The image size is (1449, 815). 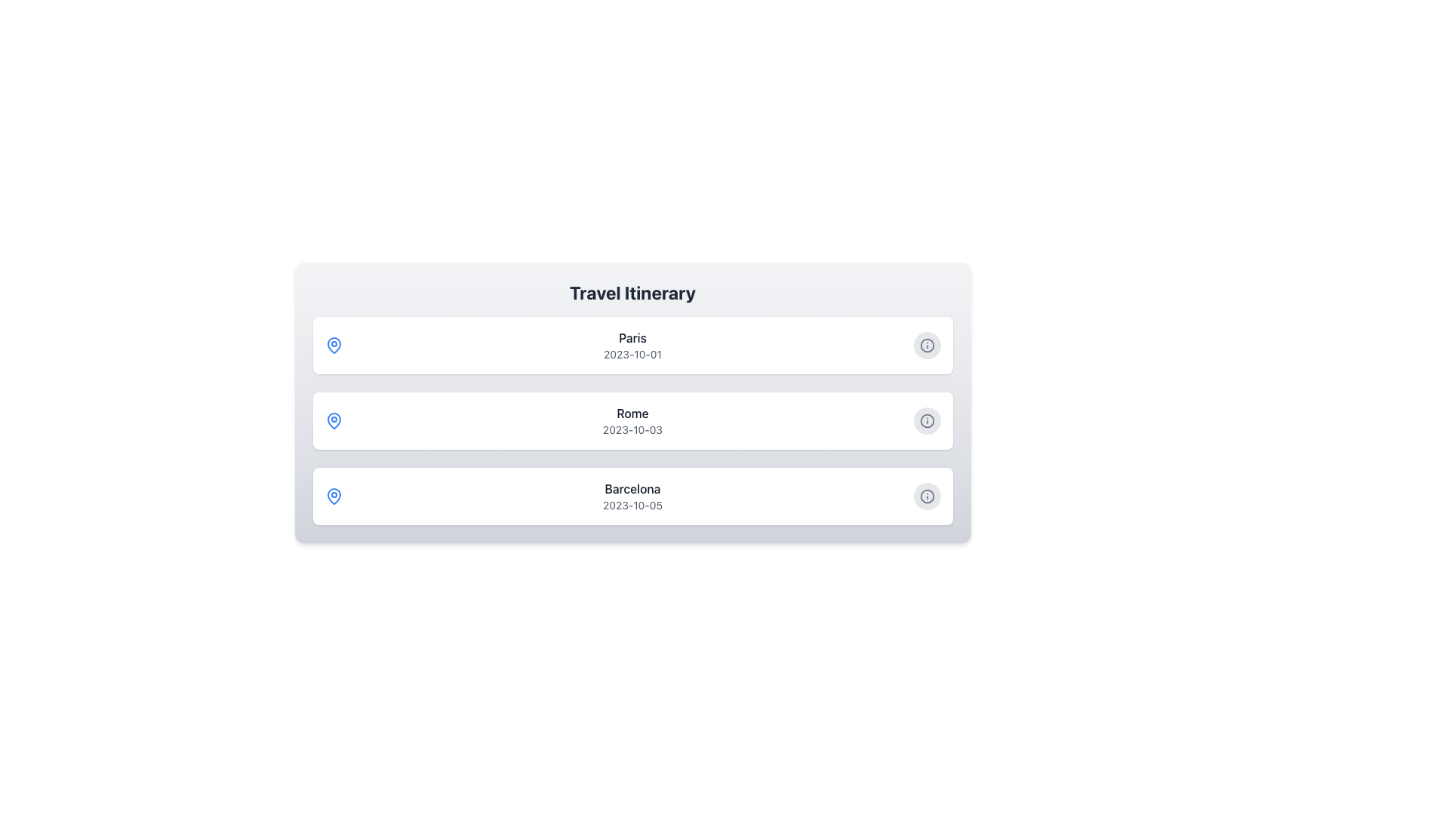 I want to click on the text label displaying the date '2023-10-03' located below 'Rome' in the second card of the vertically stacked list, so click(x=632, y=430).